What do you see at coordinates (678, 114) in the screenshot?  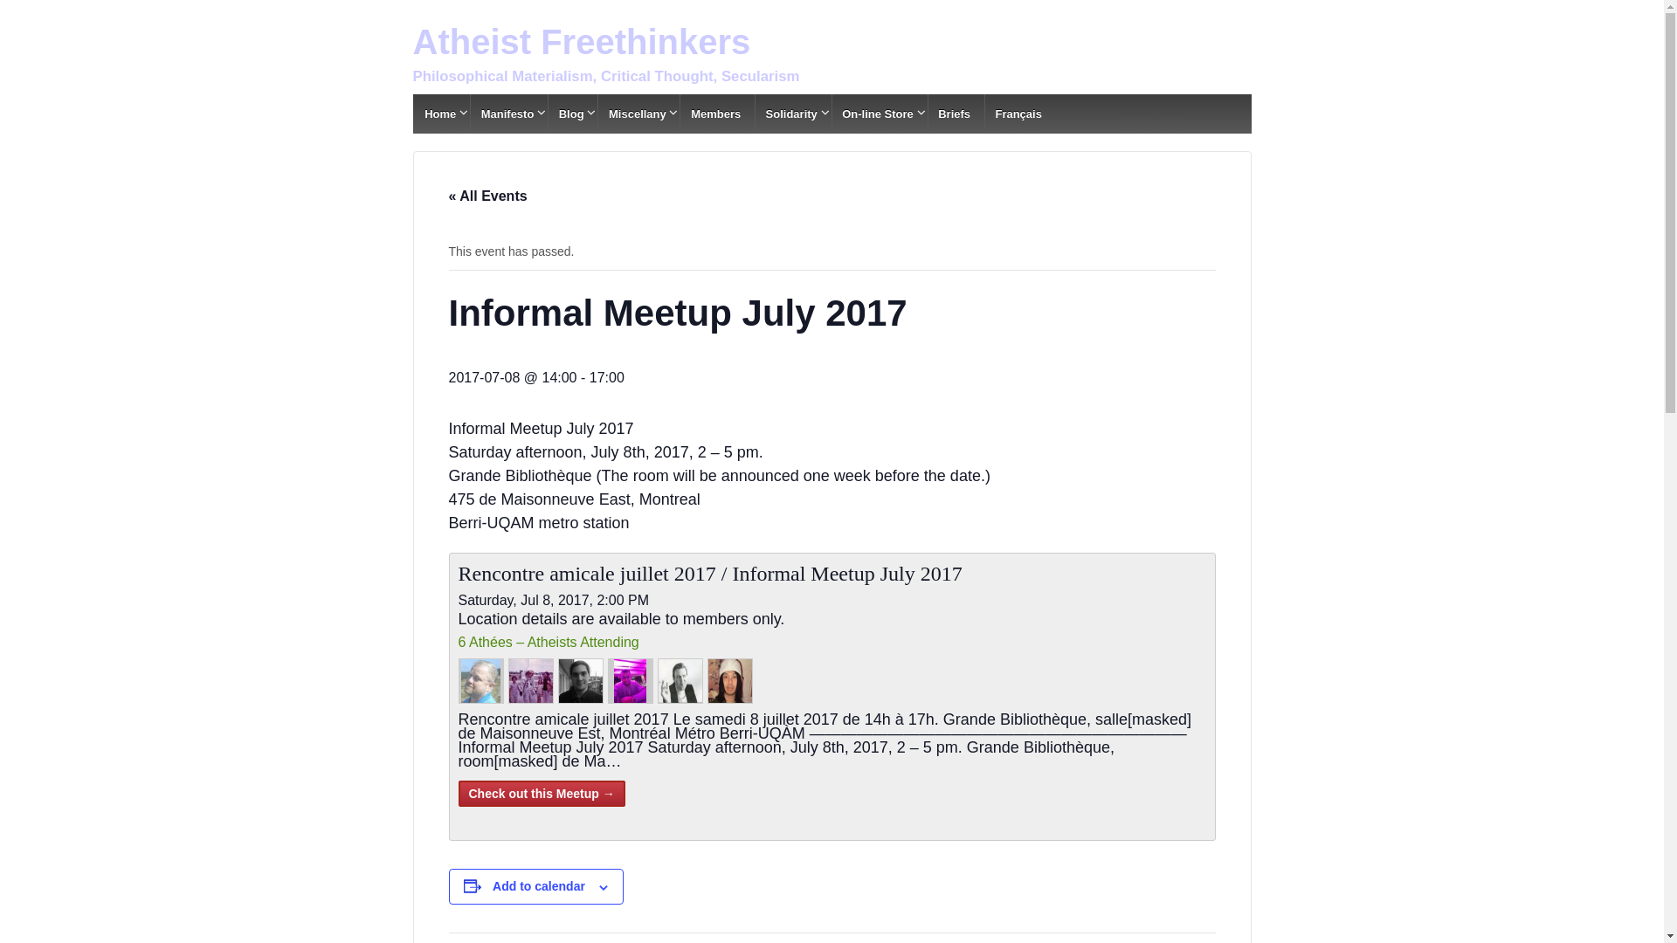 I see `'Members'` at bounding box center [678, 114].